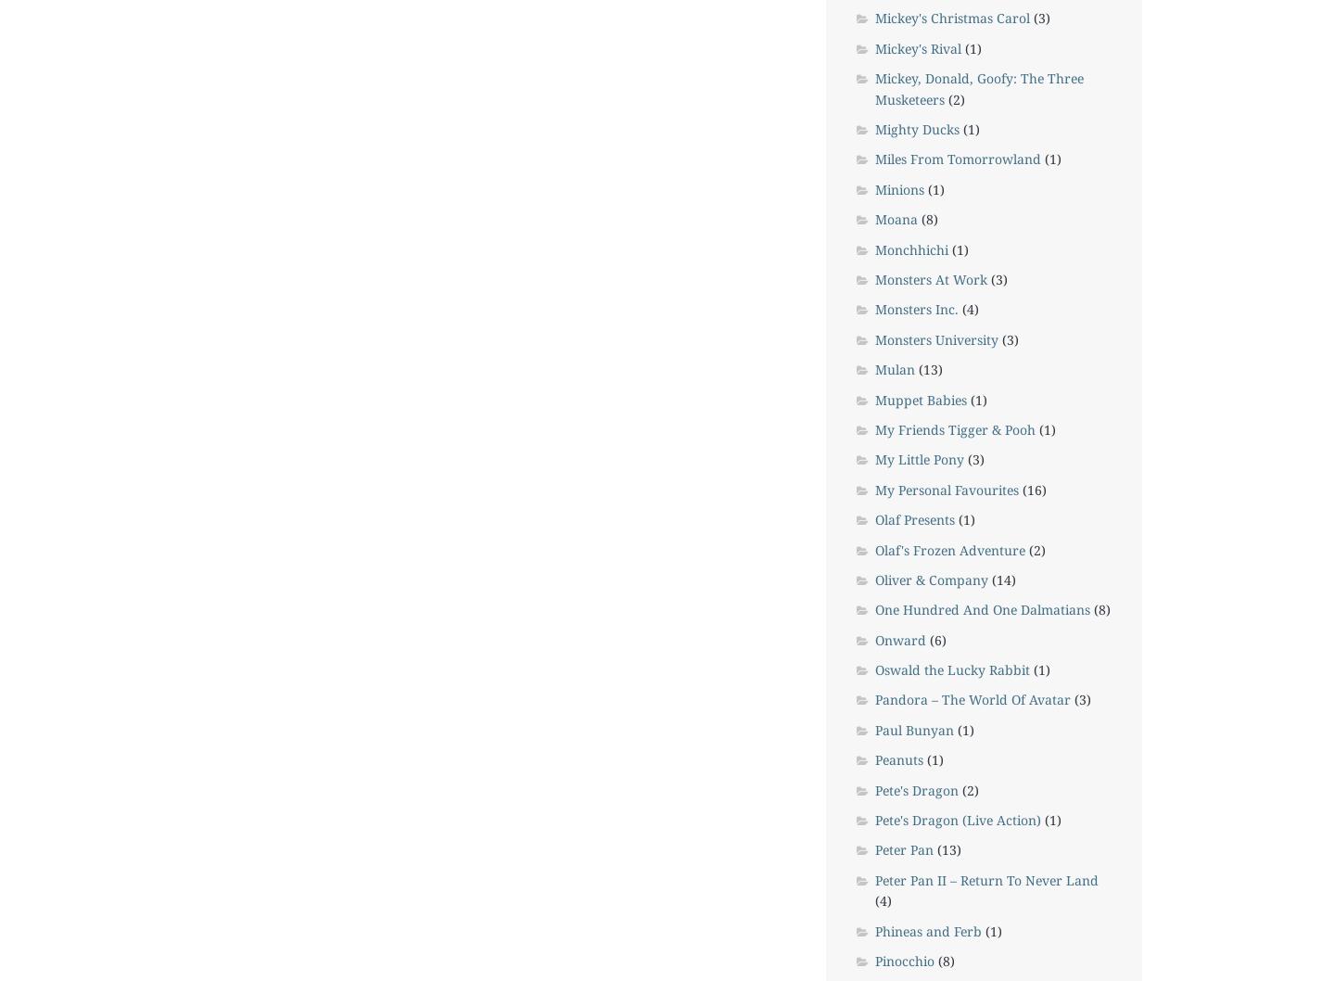 This screenshot has height=981, width=1335. Describe the element at coordinates (903, 959) in the screenshot. I see `'Pinocchio'` at that location.